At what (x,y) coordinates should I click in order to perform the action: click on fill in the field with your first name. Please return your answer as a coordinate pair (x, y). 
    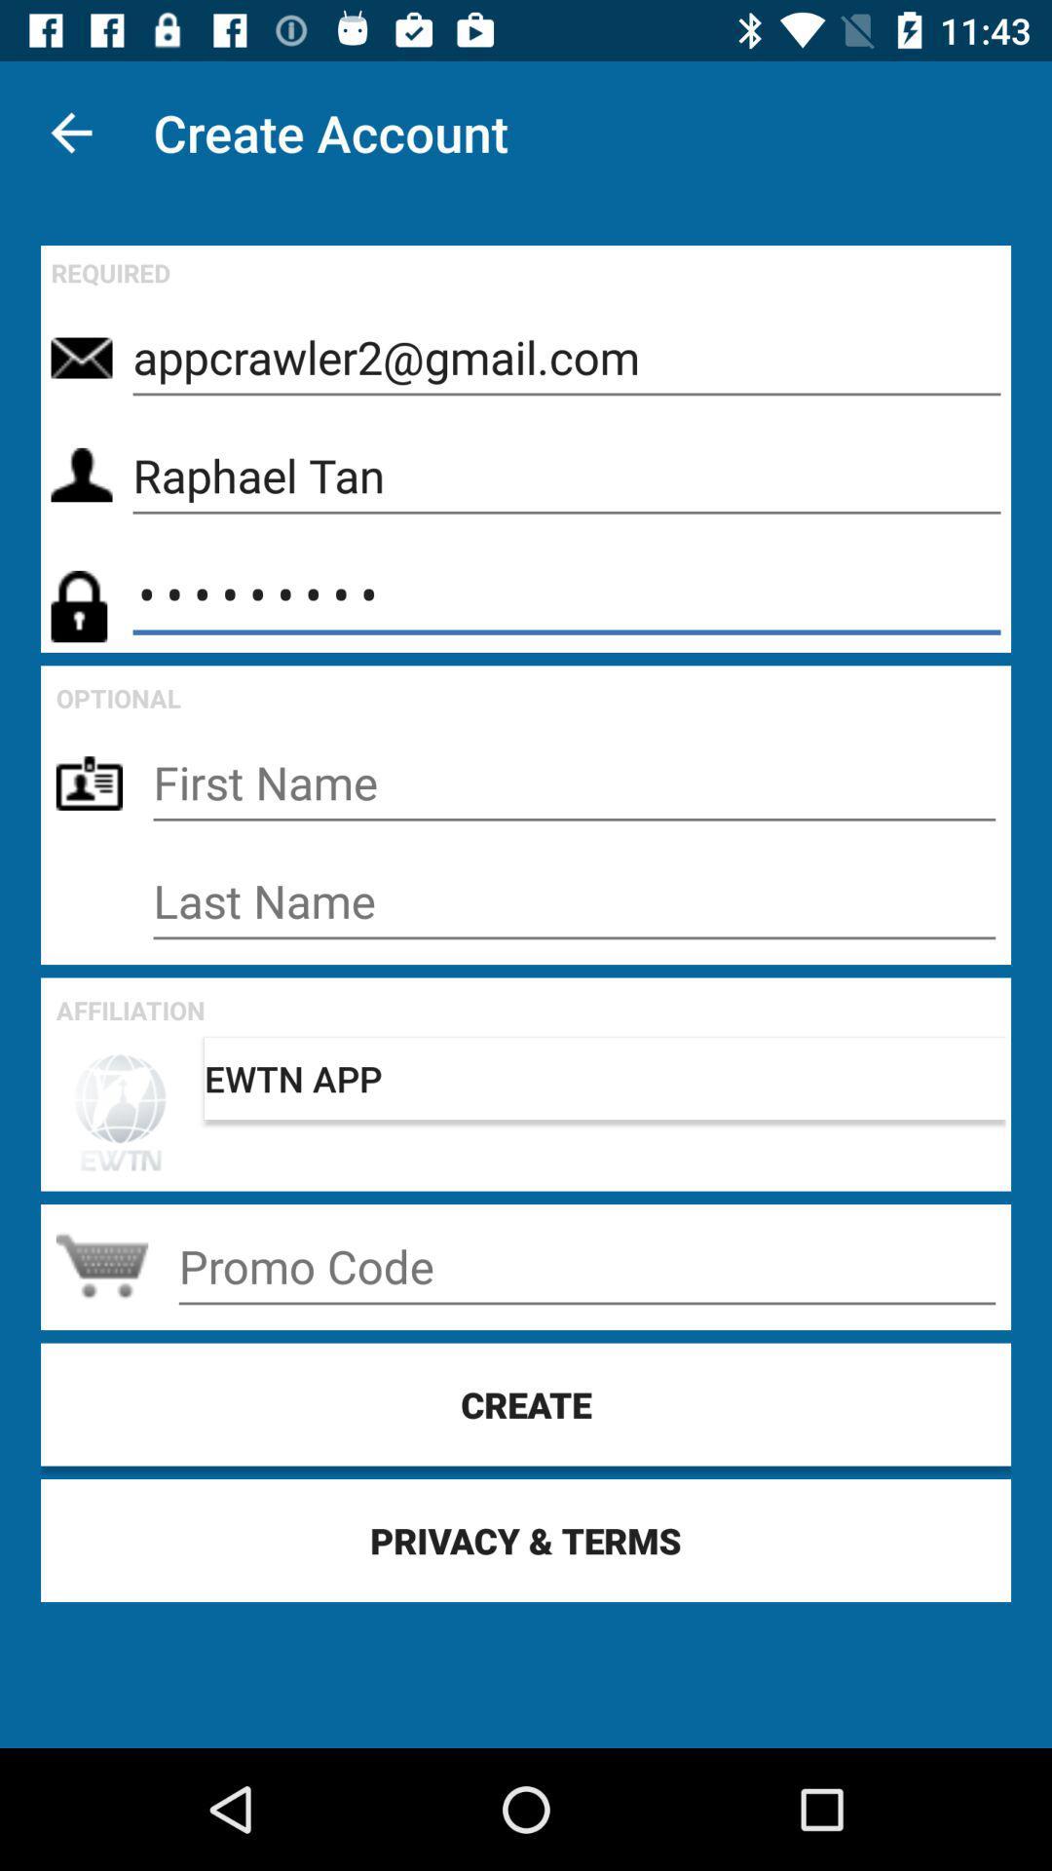
    Looking at the image, I should click on (573, 783).